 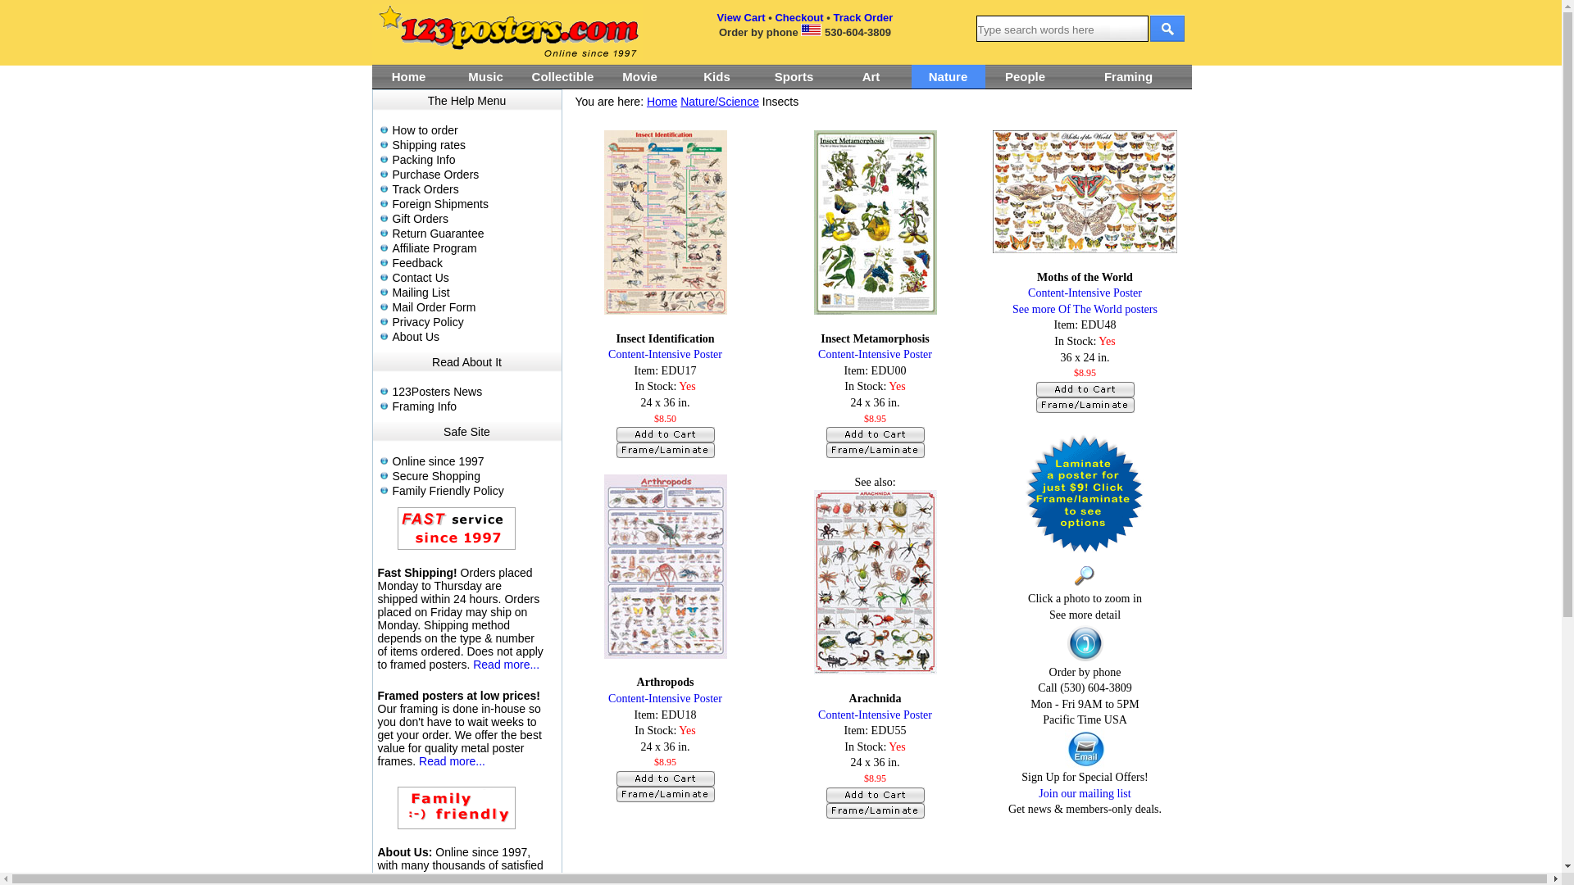 I want to click on 'Kids', so click(x=716, y=76).